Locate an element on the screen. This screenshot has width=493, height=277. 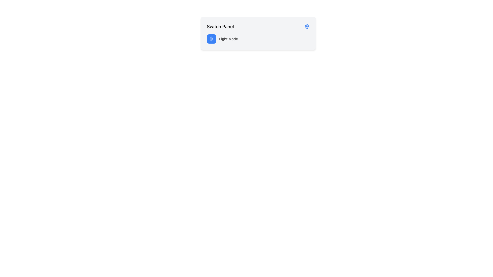
the text label that says 'Light Mode', which is styled with a small font size and positioned to the right of a sun icon within the 'Switch Panel' is located at coordinates (228, 38).